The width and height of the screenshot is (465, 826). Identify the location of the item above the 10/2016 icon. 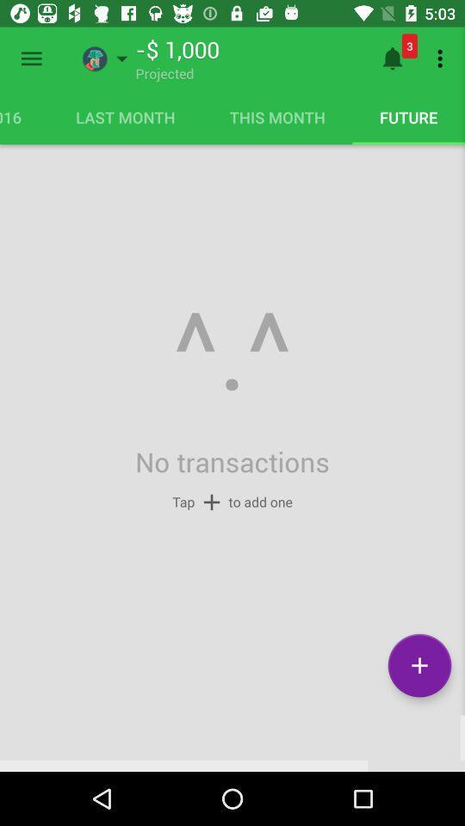
(31, 59).